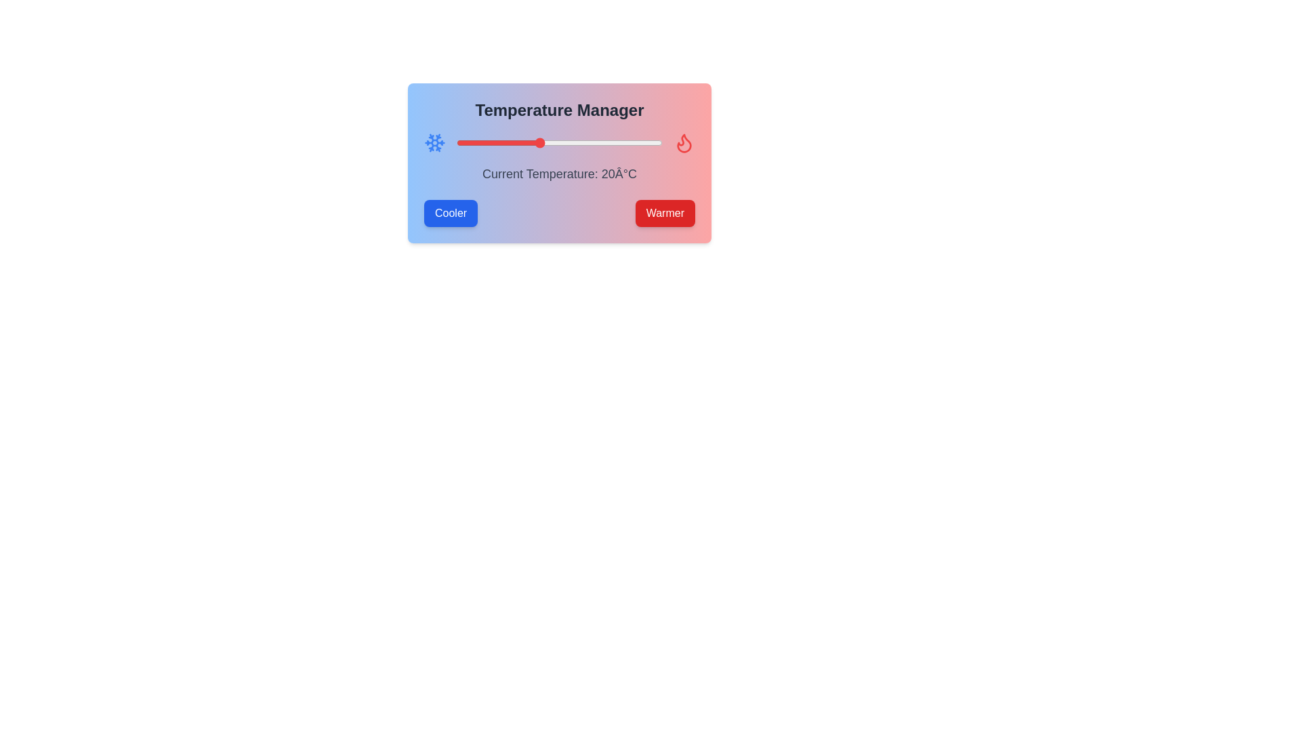 The height and width of the screenshot is (732, 1301). Describe the element at coordinates (451, 213) in the screenshot. I see `'Cooler' button to decrease the temperature` at that location.